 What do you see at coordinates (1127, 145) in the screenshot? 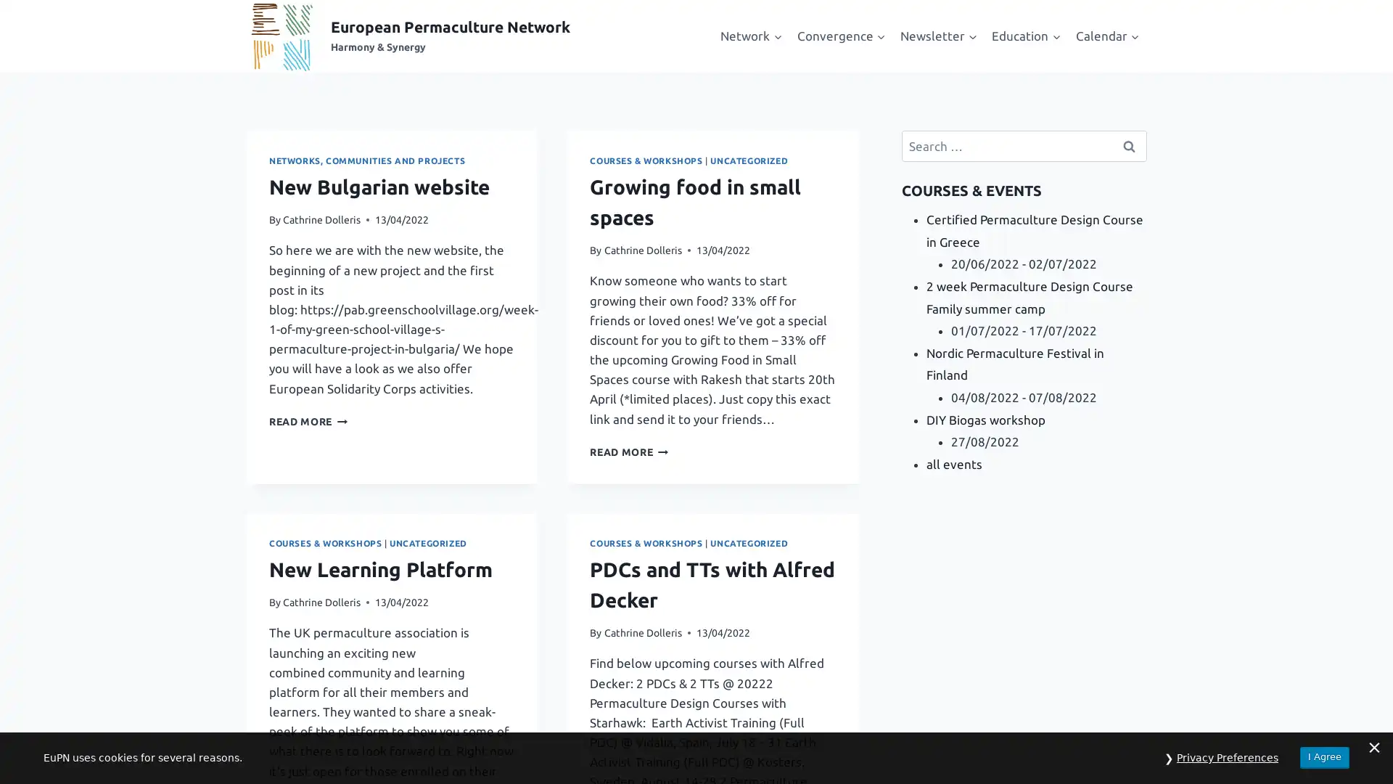
I see `Search` at bounding box center [1127, 145].